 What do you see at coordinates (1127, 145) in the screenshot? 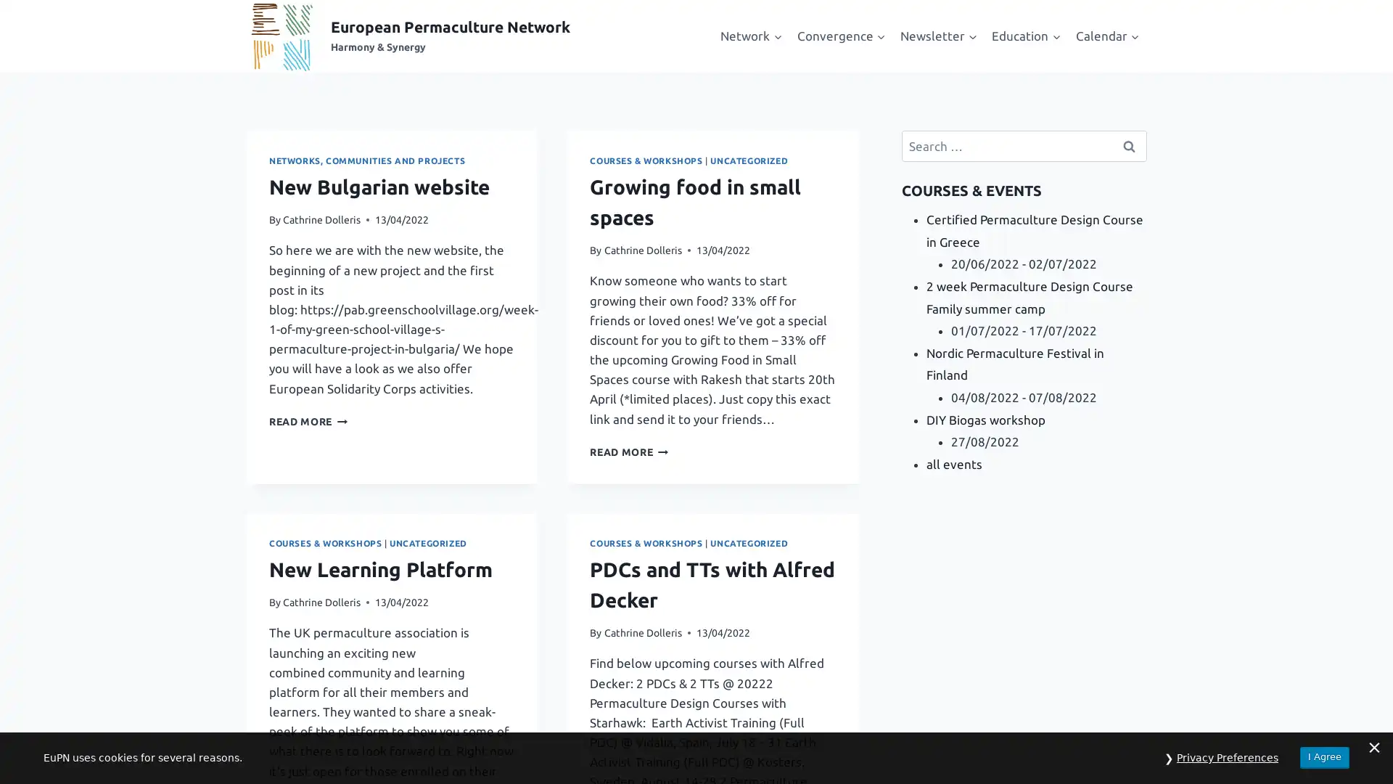
I see `Search` at bounding box center [1127, 145].